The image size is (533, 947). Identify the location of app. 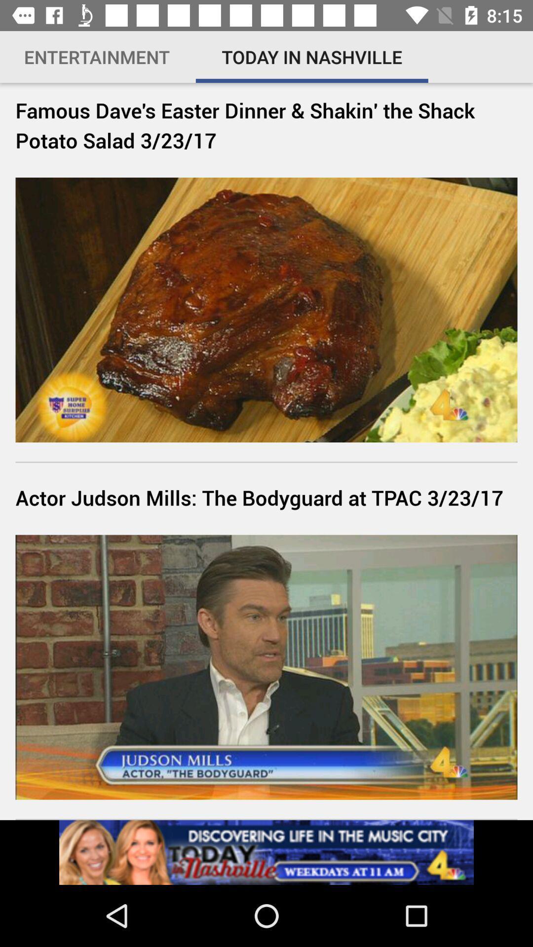
(266, 852).